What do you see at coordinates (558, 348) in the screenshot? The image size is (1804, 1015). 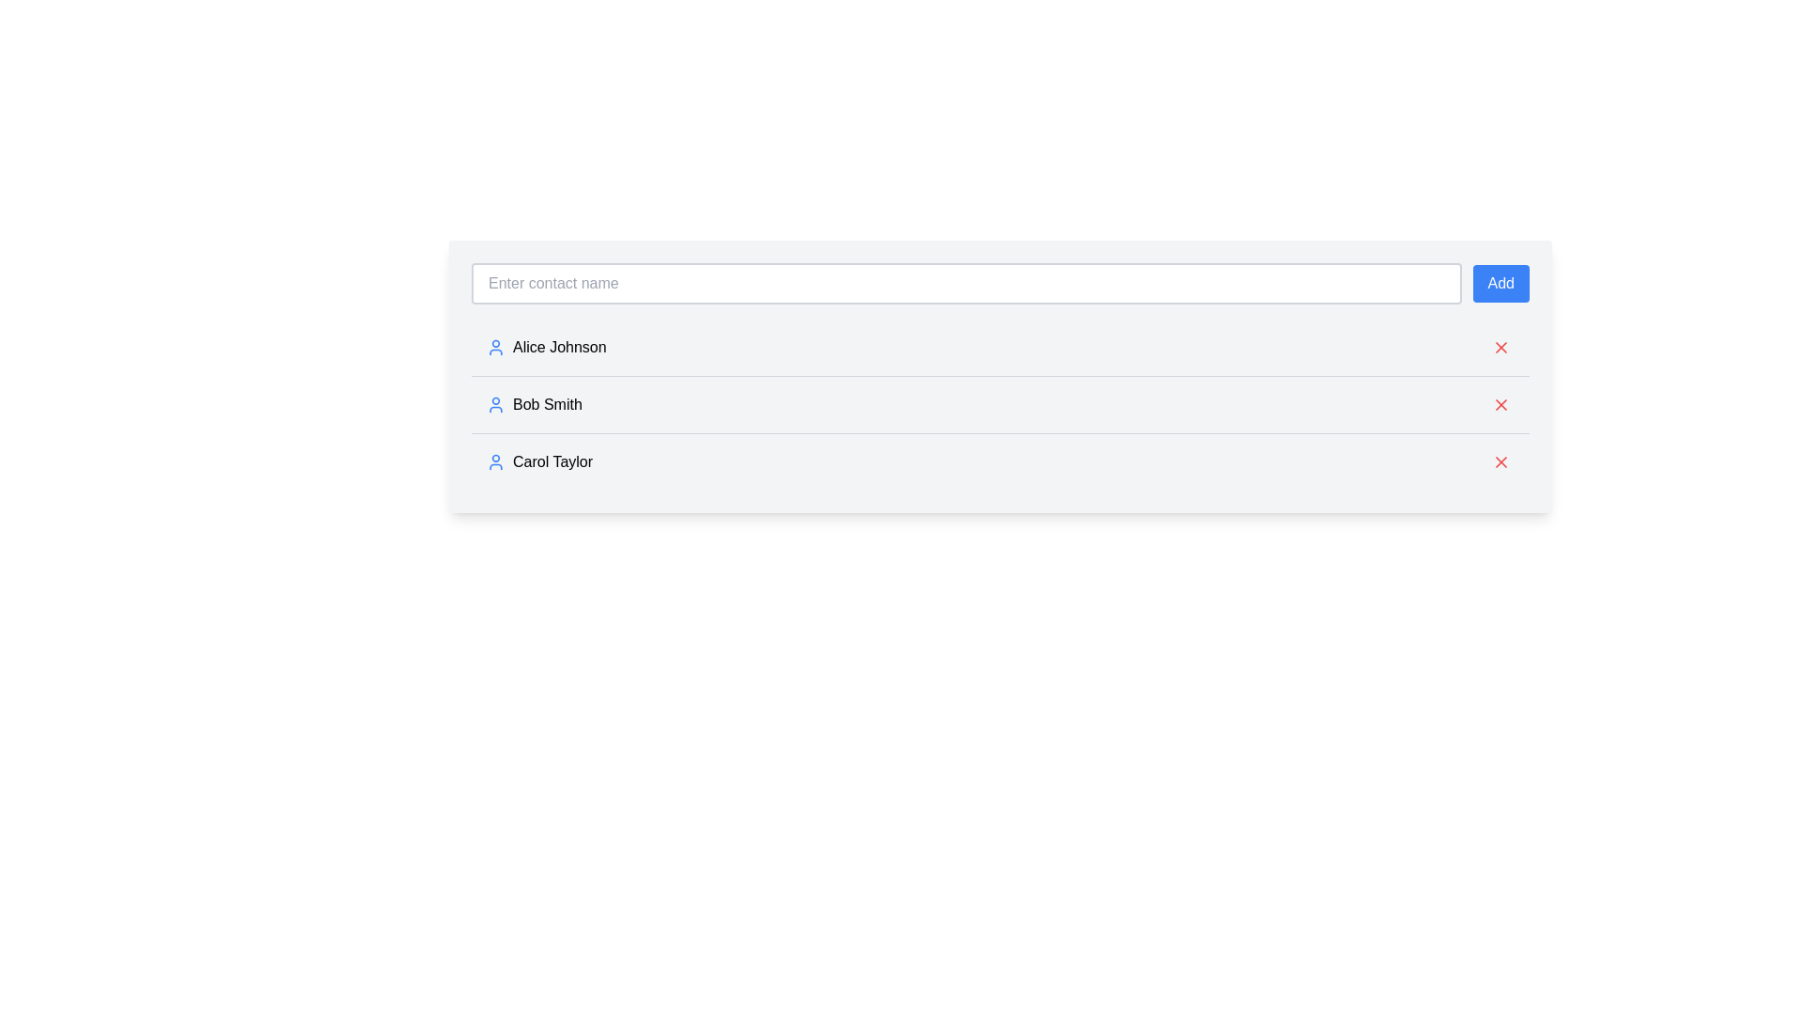 I see `the content of the text label displaying 'Alice Johnson', which is the first name entry in the contact list, positioned below the text input box and the 'Add' button` at bounding box center [558, 348].